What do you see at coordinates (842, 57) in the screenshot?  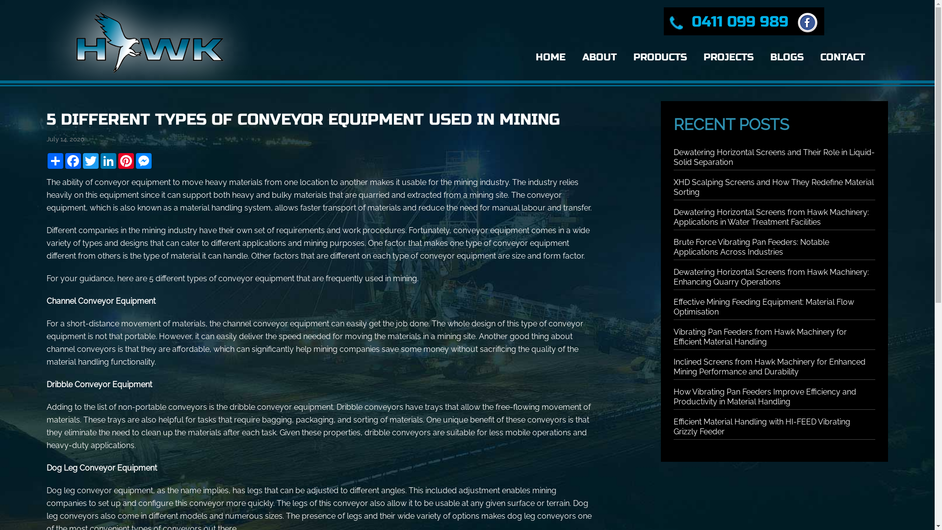 I see `'CONTACT'` at bounding box center [842, 57].